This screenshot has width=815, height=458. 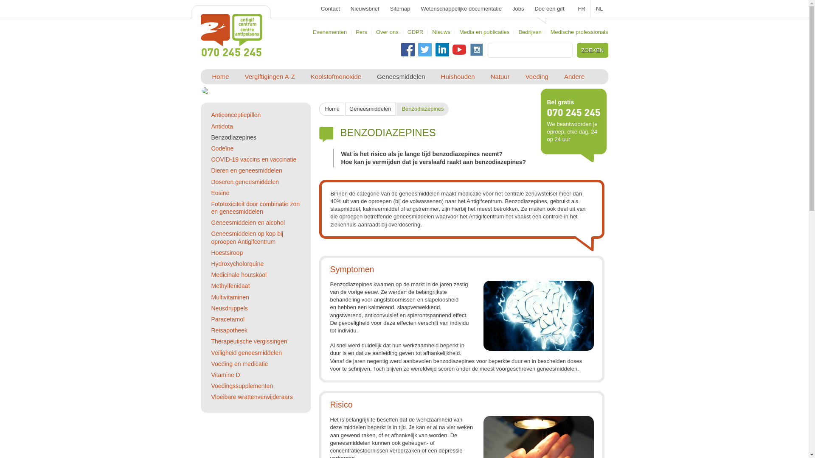 I want to click on 'Wetenschappelijke documentatie', so click(x=461, y=8).